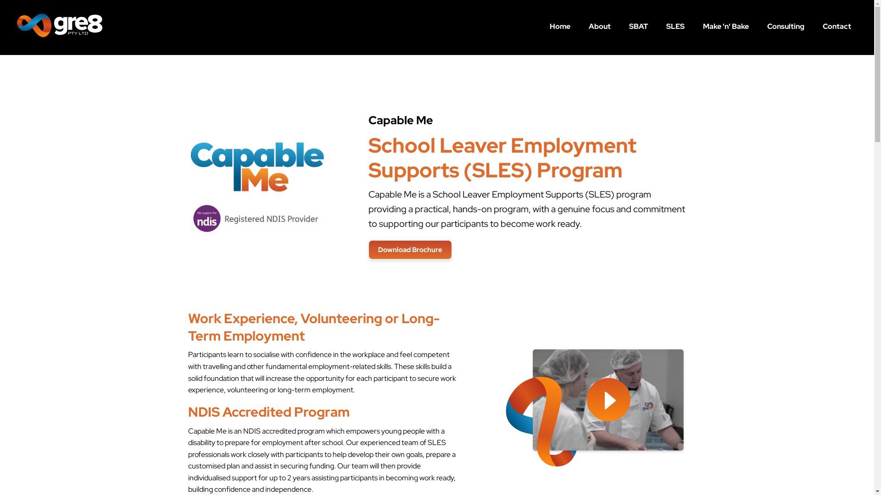 The image size is (881, 495). What do you see at coordinates (675, 26) in the screenshot?
I see `'SLES'` at bounding box center [675, 26].